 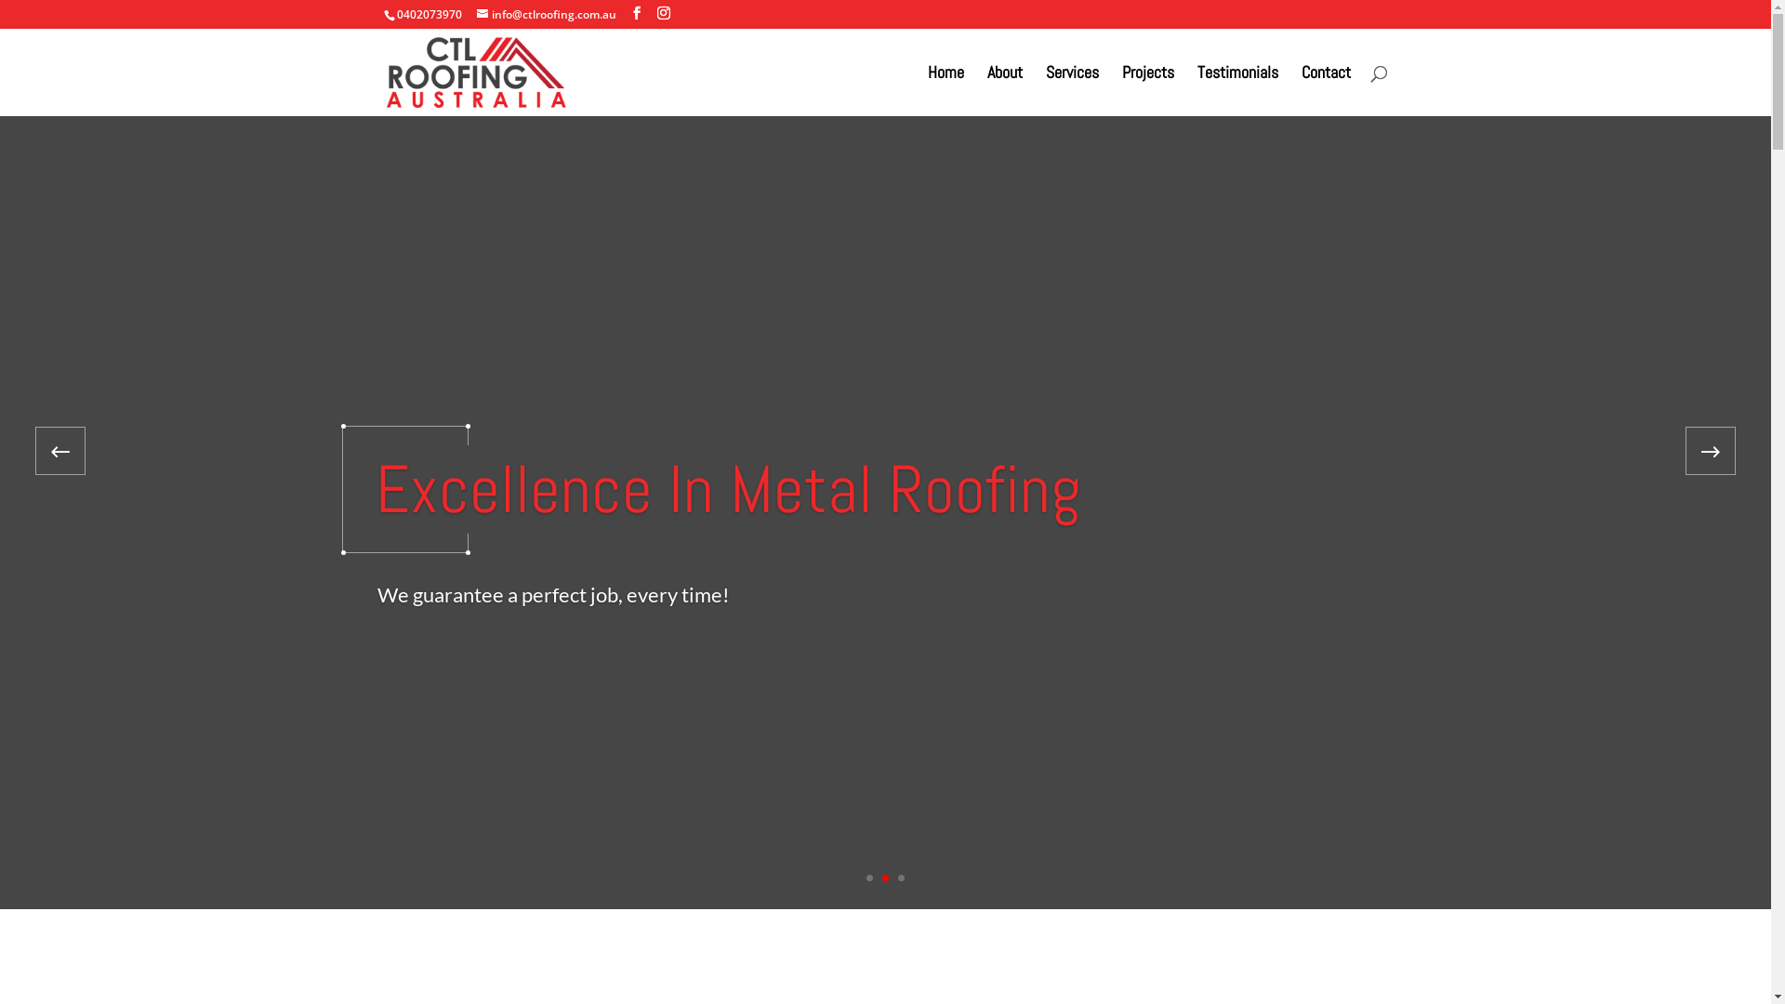 What do you see at coordinates (1003, 90) in the screenshot?
I see `'About'` at bounding box center [1003, 90].